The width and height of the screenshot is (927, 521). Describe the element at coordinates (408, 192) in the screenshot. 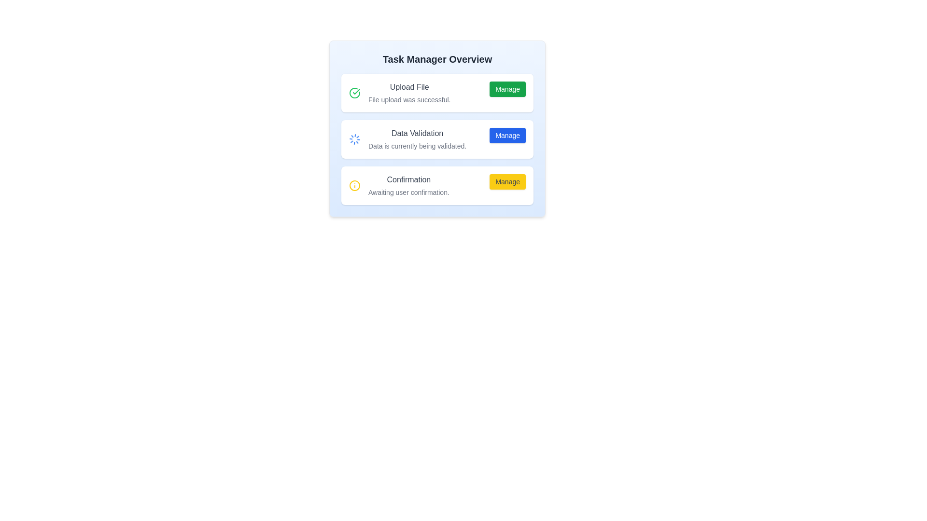

I see `the static text element providing feedback regarding the 'Confirmation' process, located beneath the heading 'Confirmation' and above the yellow 'Manage' button` at that location.